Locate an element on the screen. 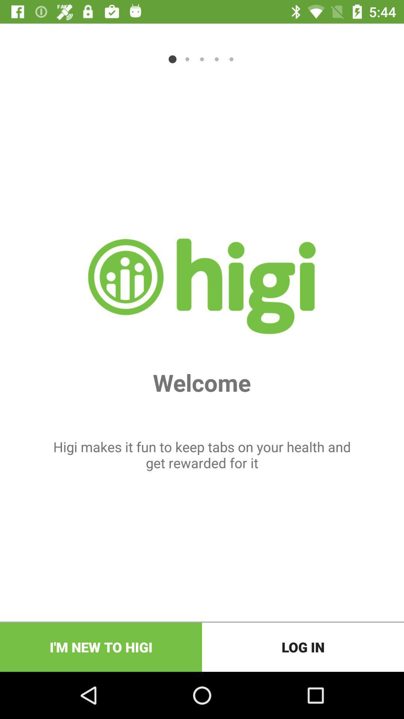  icon next to the i m new item is located at coordinates (303, 647).